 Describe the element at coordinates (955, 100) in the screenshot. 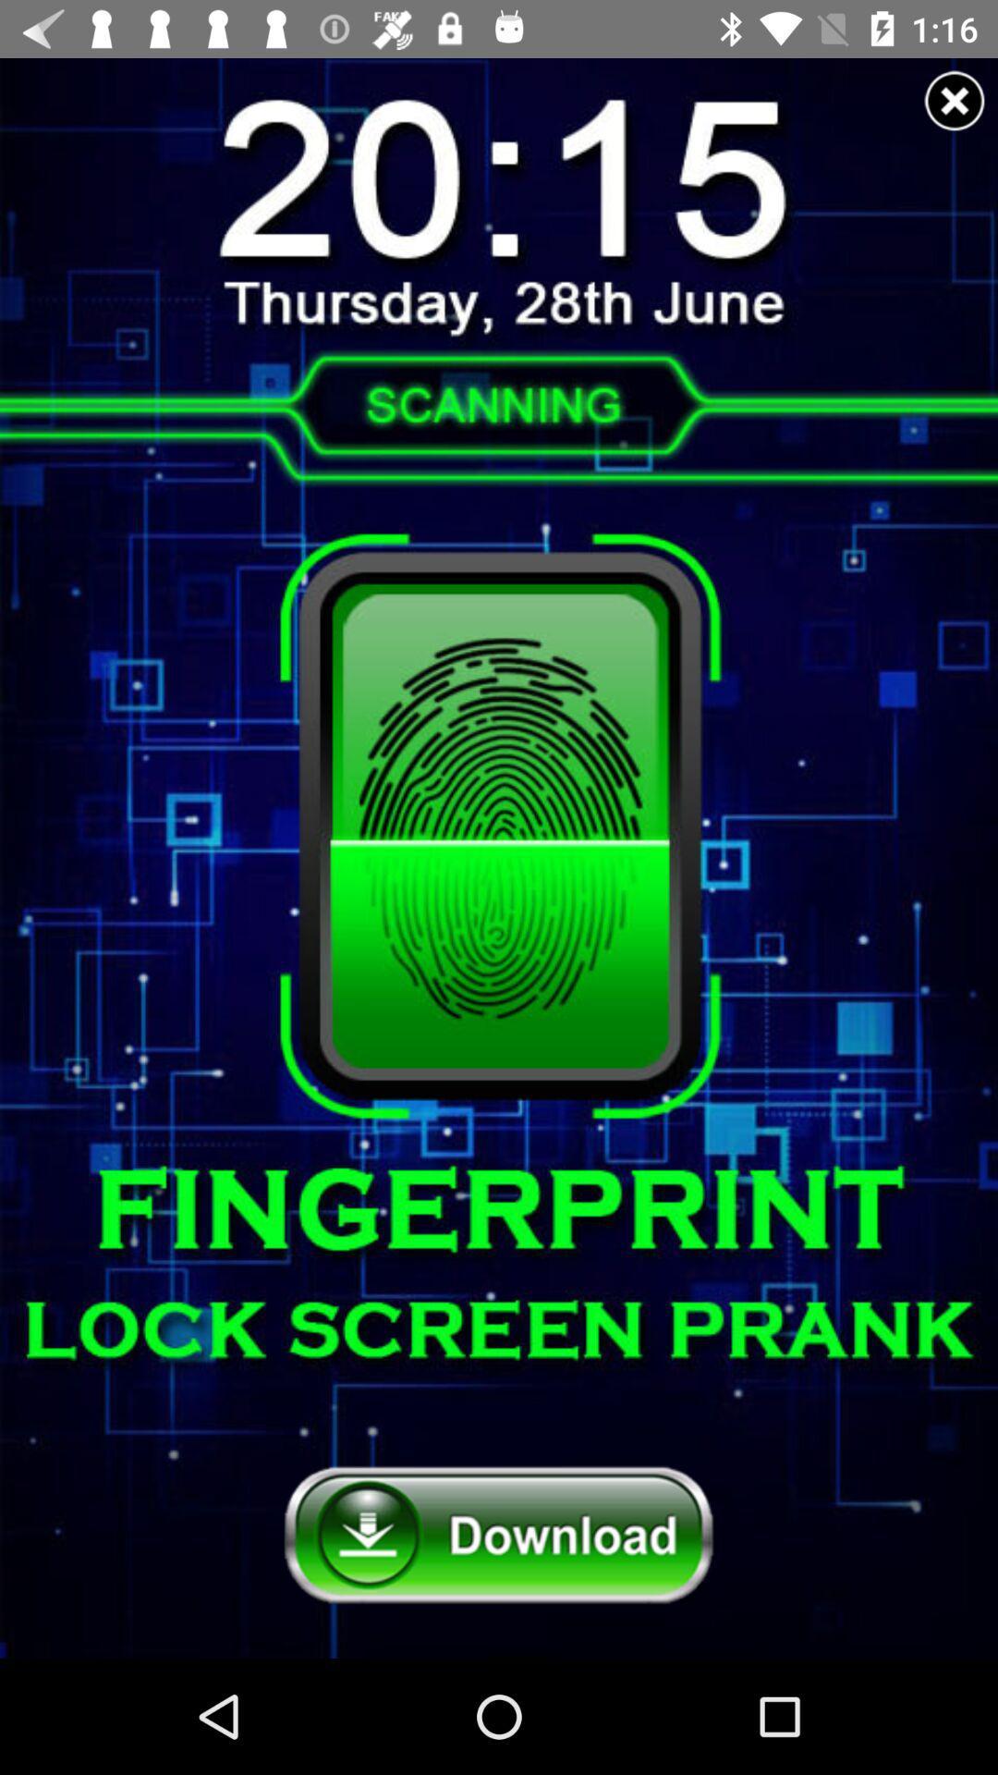

I see `click close icon` at that location.